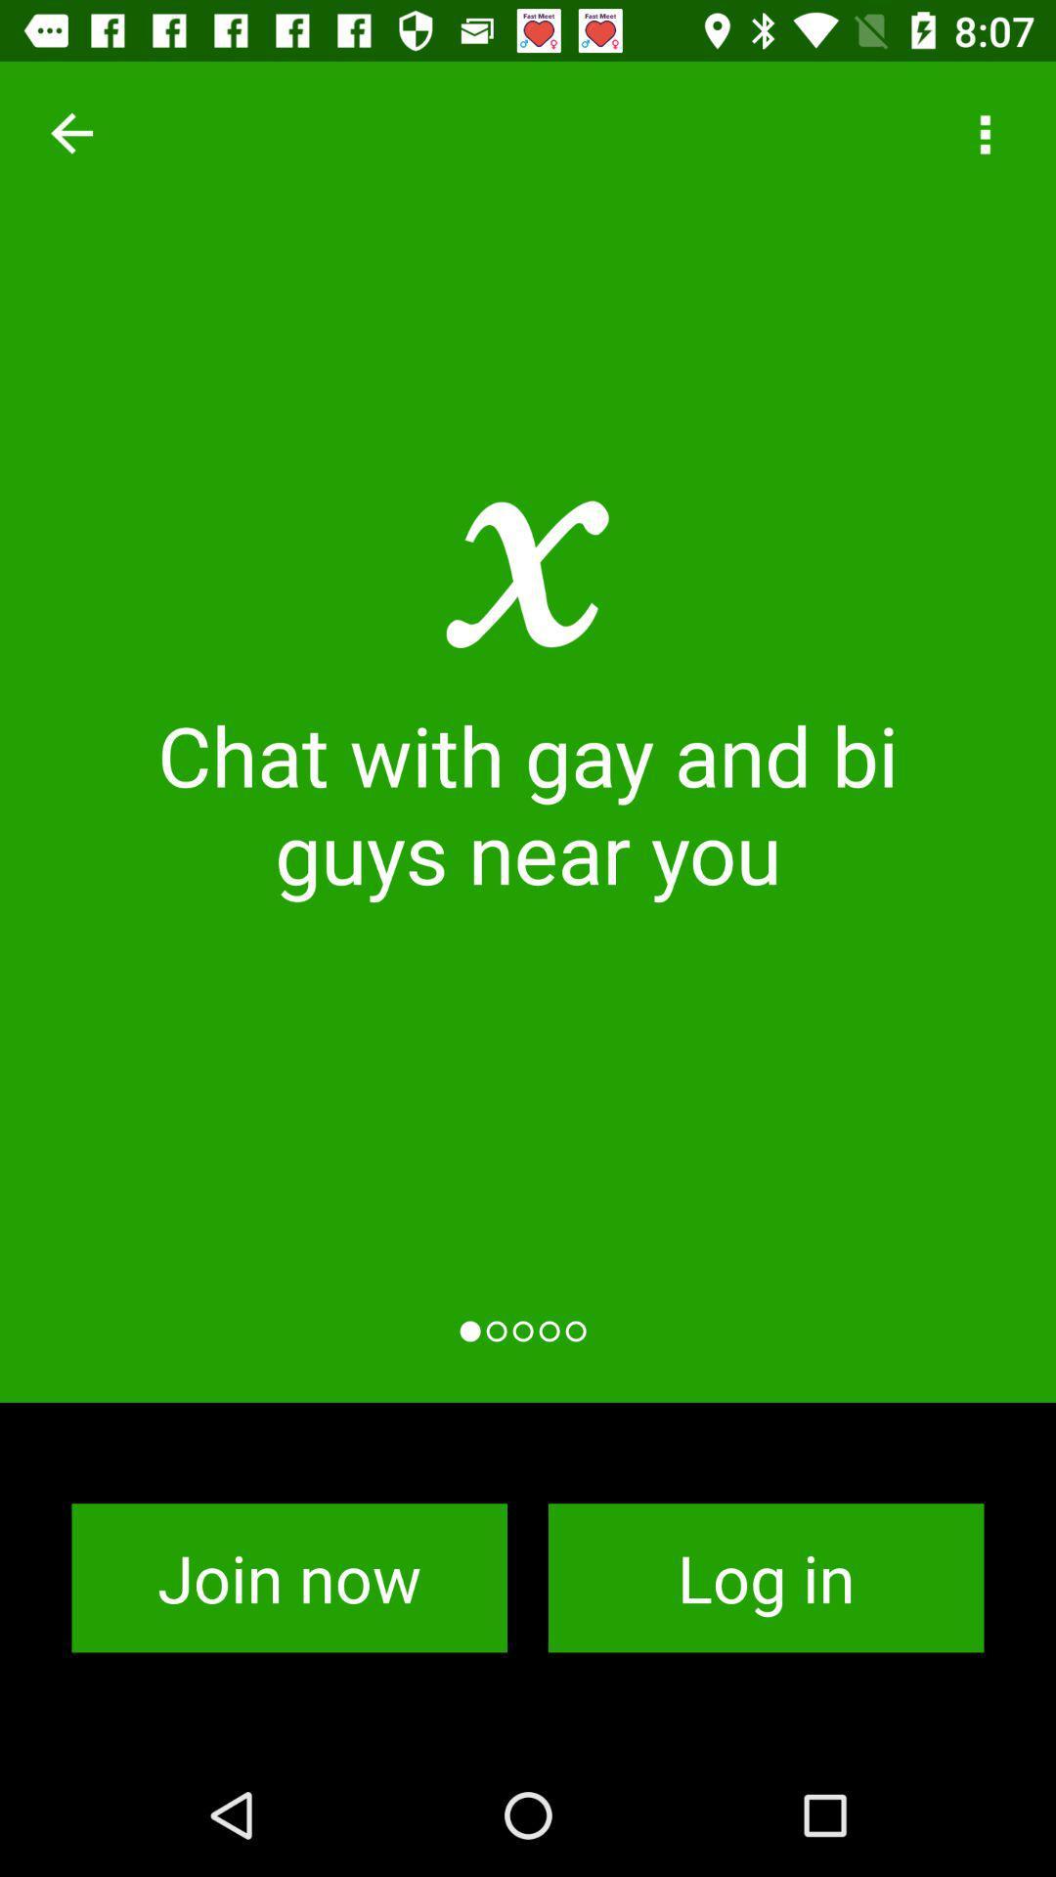  What do you see at coordinates (70, 132) in the screenshot?
I see `back page` at bounding box center [70, 132].